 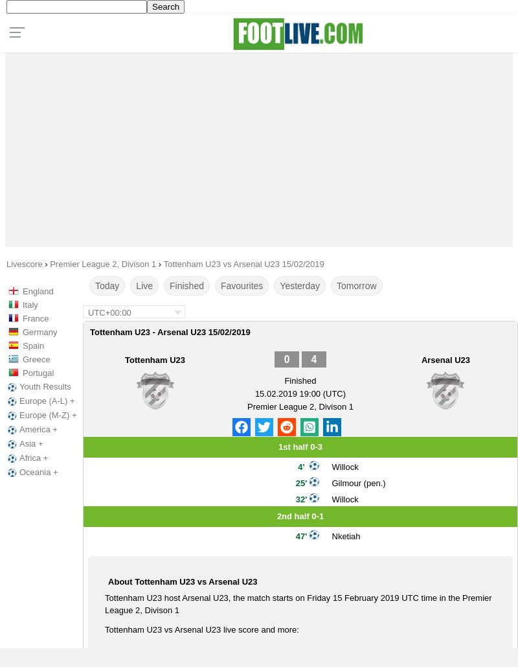 What do you see at coordinates (297, 603) in the screenshot?
I see `'Tottenham U23 host Arsenal U23, the match starts on Friday 15 February 2019 UTC time in the  Premier League 2, Divison 1'` at bounding box center [297, 603].